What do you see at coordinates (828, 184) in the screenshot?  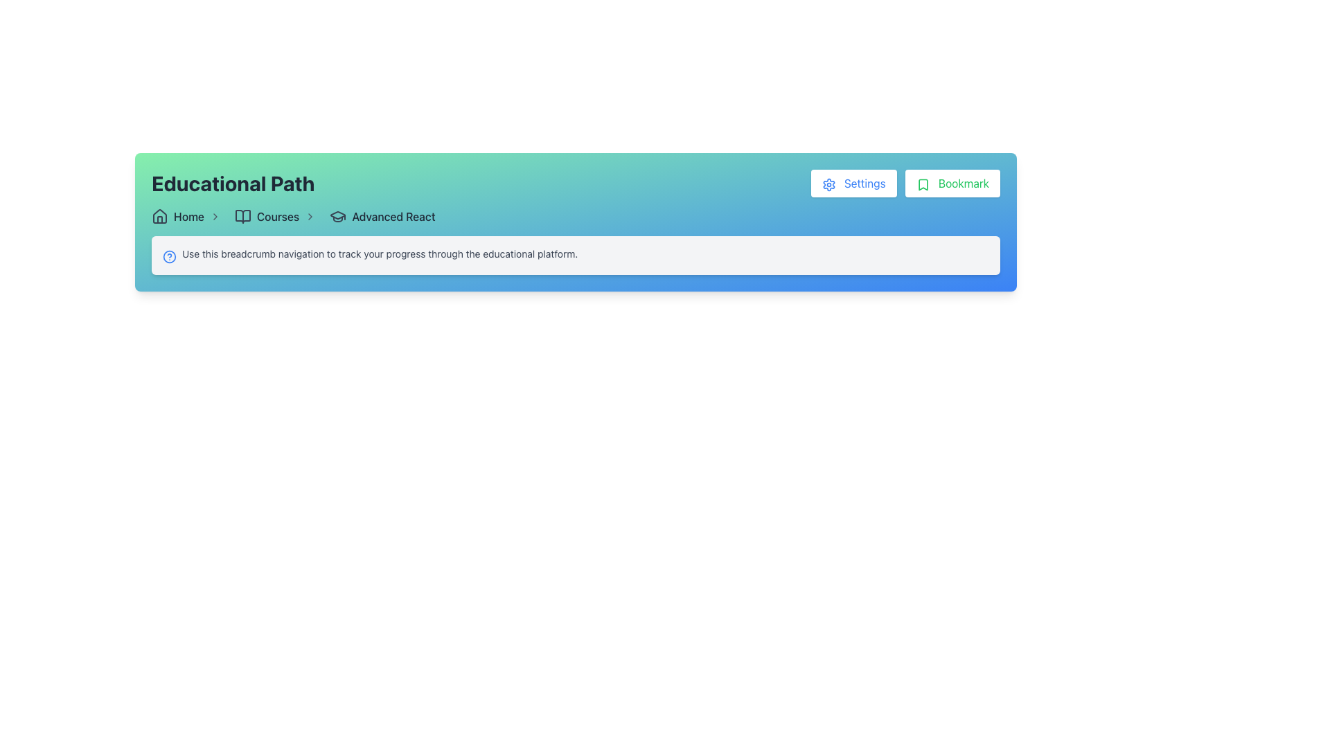 I see `the settings icon located in the top-right corner of the navigation bar, adjacent to the 'Settings' button` at bounding box center [828, 184].